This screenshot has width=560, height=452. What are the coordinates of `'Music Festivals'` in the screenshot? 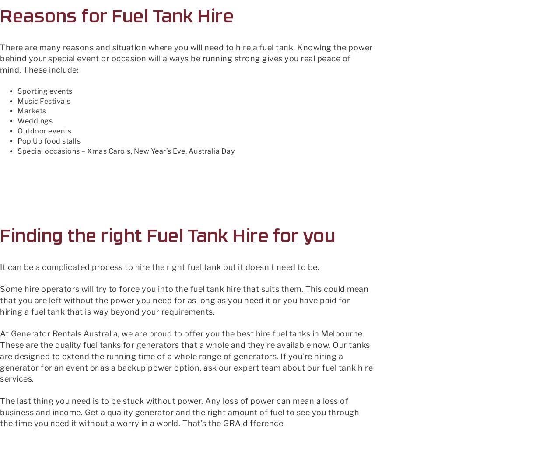 It's located at (43, 100).